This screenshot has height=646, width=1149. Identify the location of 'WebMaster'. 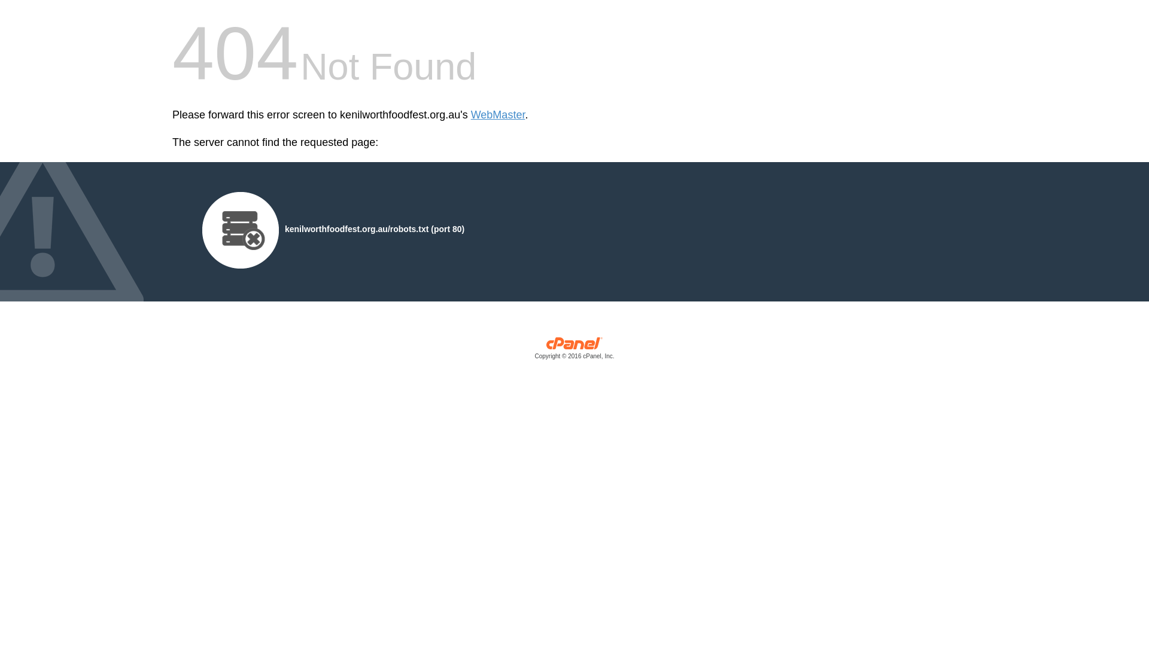
(470, 115).